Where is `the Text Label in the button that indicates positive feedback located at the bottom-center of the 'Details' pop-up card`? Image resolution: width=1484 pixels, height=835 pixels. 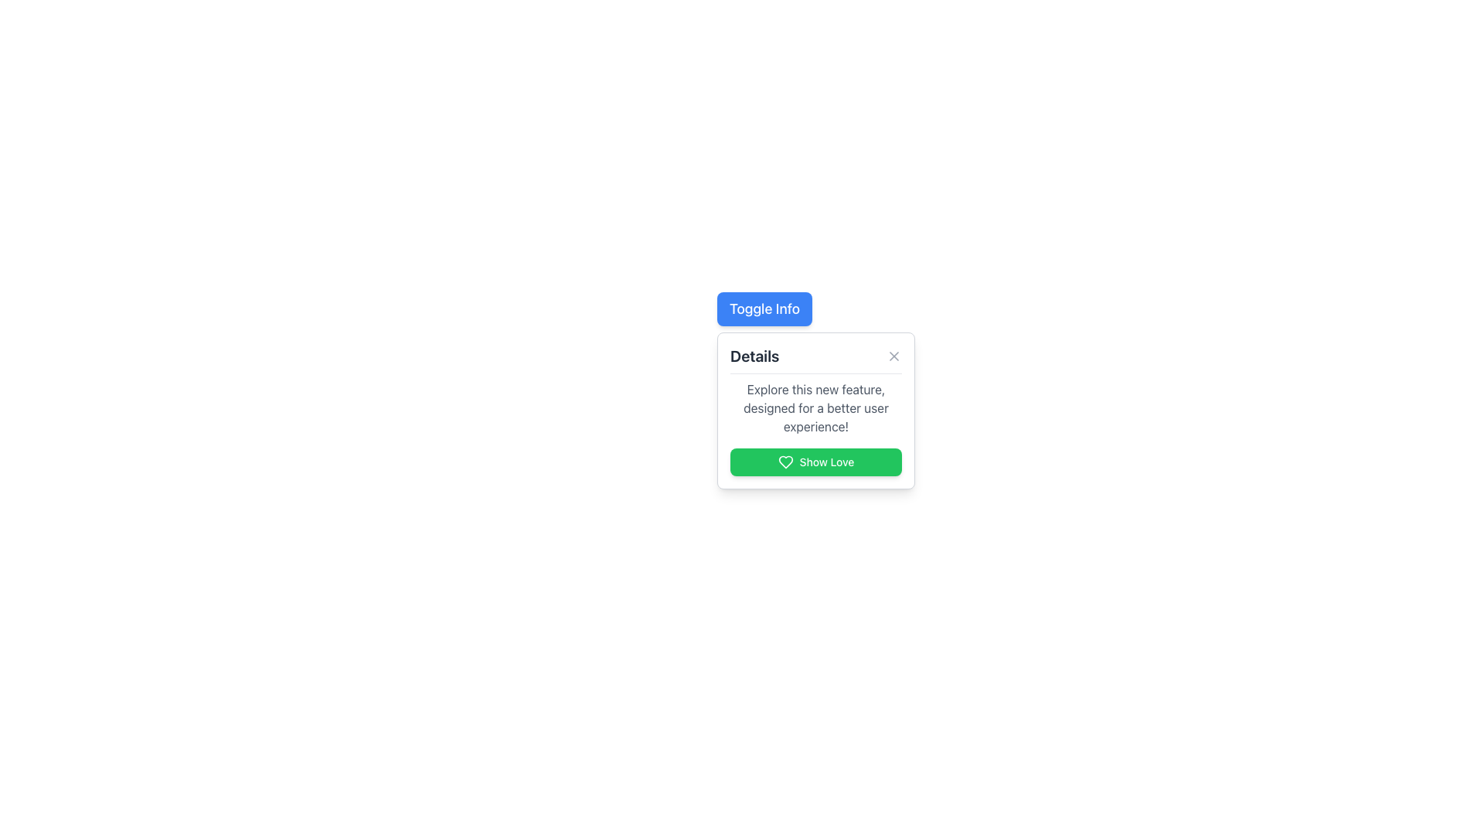
the Text Label in the button that indicates positive feedback located at the bottom-center of the 'Details' pop-up card is located at coordinates (826, 461).